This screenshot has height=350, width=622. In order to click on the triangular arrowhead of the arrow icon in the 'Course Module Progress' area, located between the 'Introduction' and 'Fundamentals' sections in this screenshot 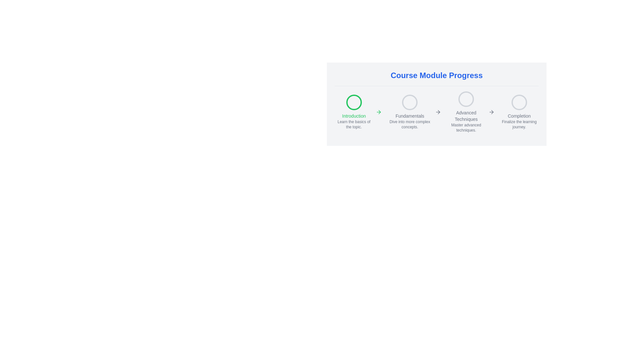, I will do `click(439, 112)`.